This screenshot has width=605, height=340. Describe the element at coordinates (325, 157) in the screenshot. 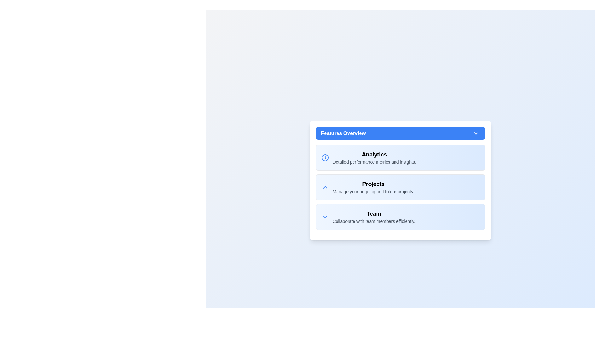

I see `the Information icon located at the far left of the 'Analytics' section` at that location.